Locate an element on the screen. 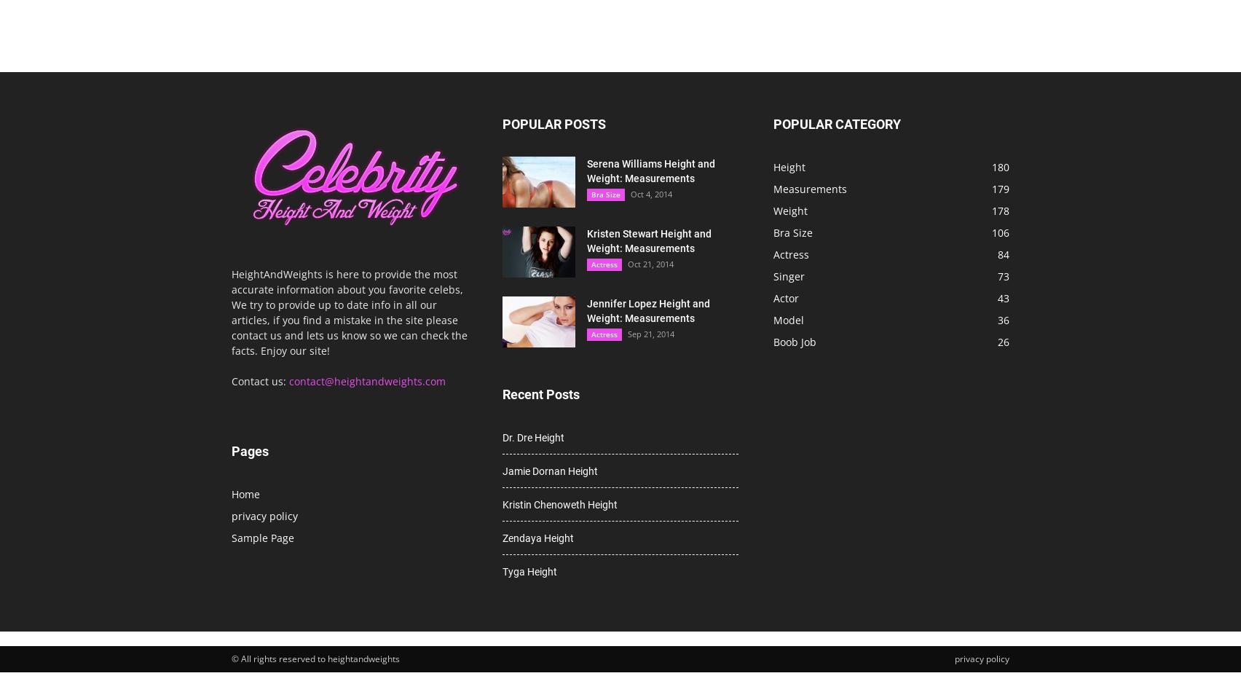  'Height' is located at coordinates (773, 167).